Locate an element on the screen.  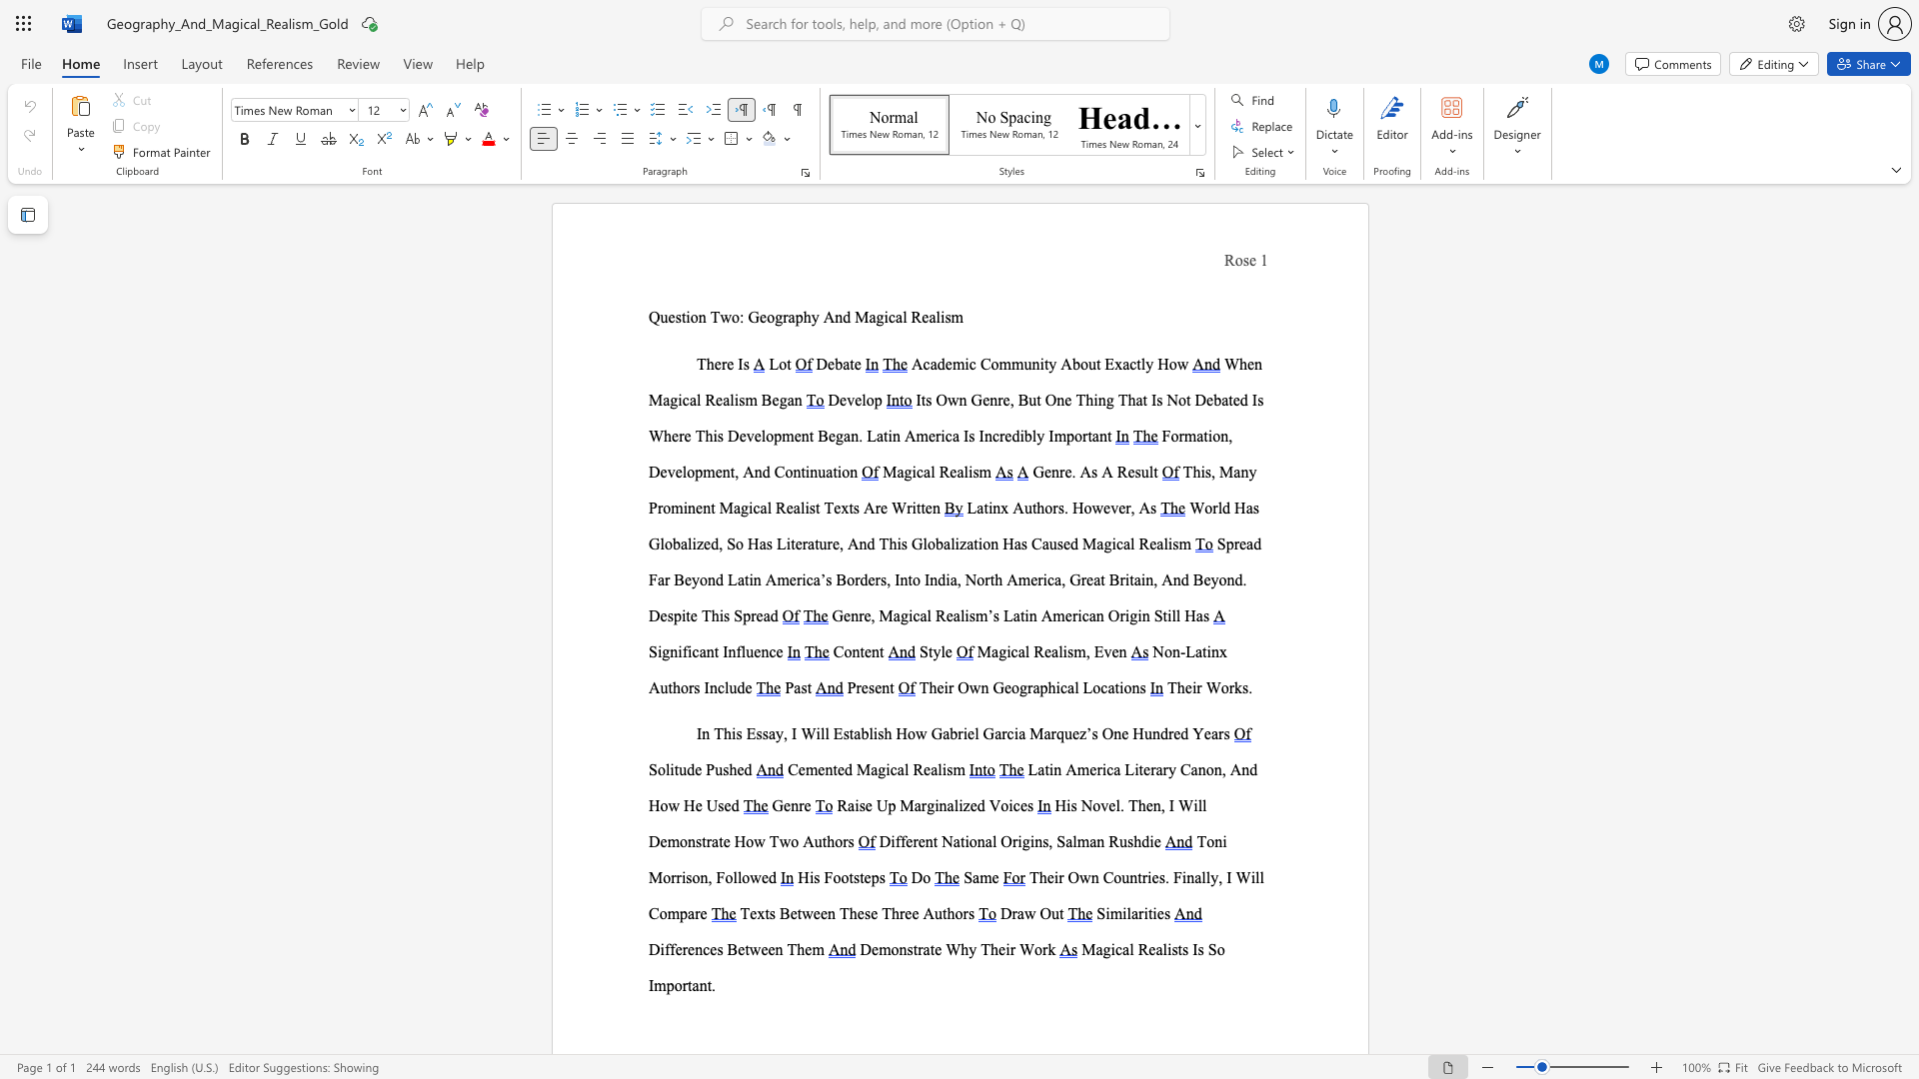
the subset text "n Rushdi" within the text "Different National Origins, Salman Rushdie" is located at coordinates (1095, 841).